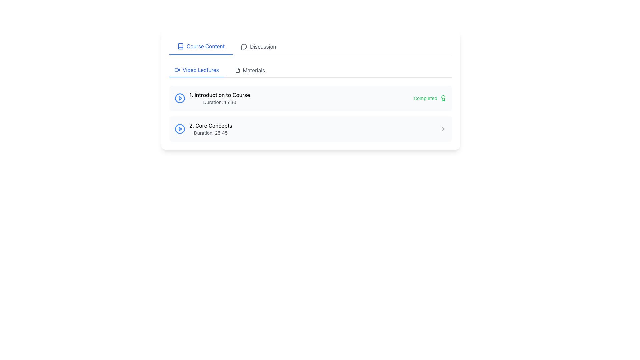 This screenshot has height=360, width=640. I want to click on the first navigational tab labeled 'Video Lectures' in the tabbed navigation bar, so click(196, 70).